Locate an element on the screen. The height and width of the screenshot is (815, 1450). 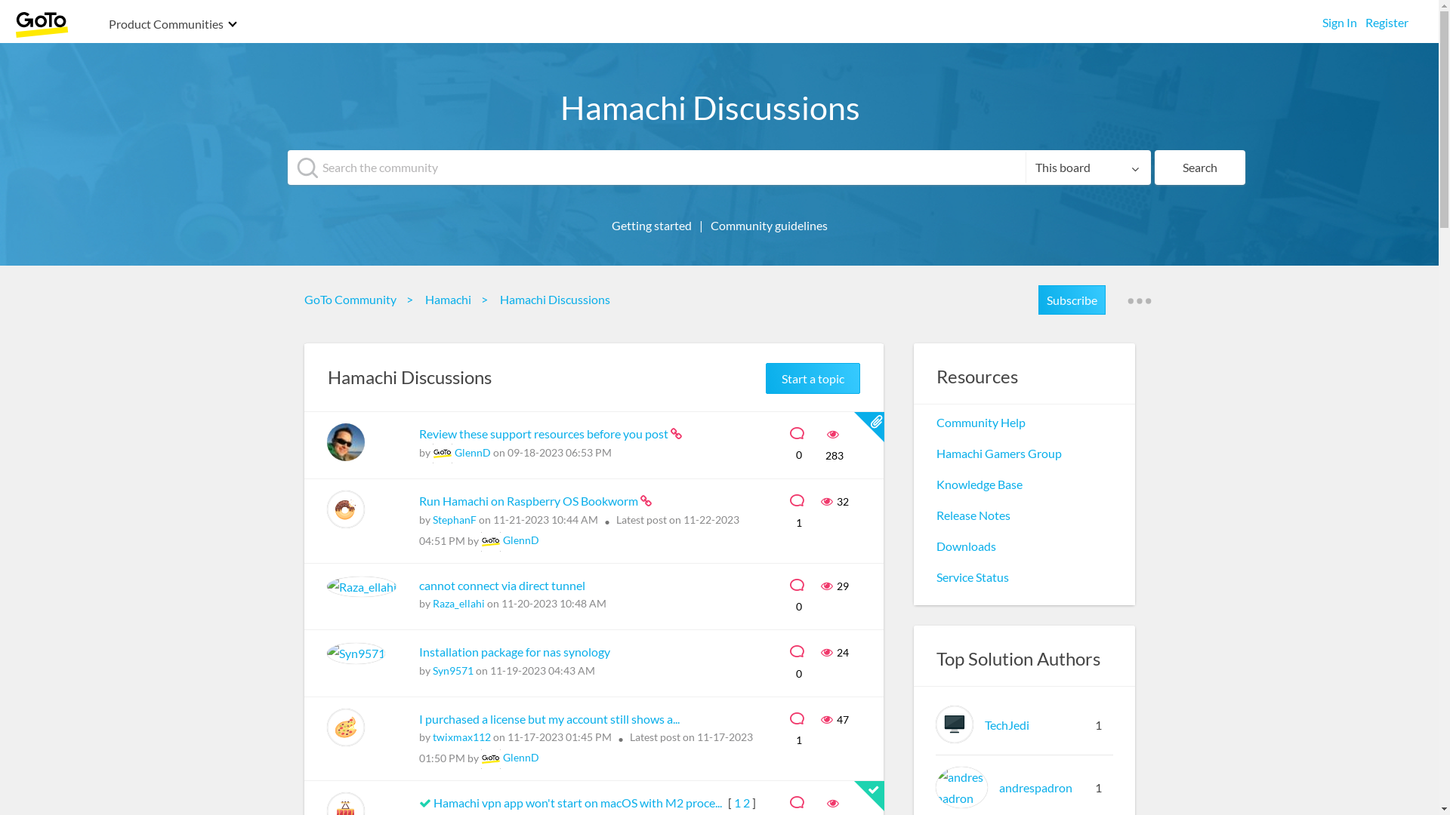
'I purchased a license but my account still shows a...' is located at coordinates (548, 717).